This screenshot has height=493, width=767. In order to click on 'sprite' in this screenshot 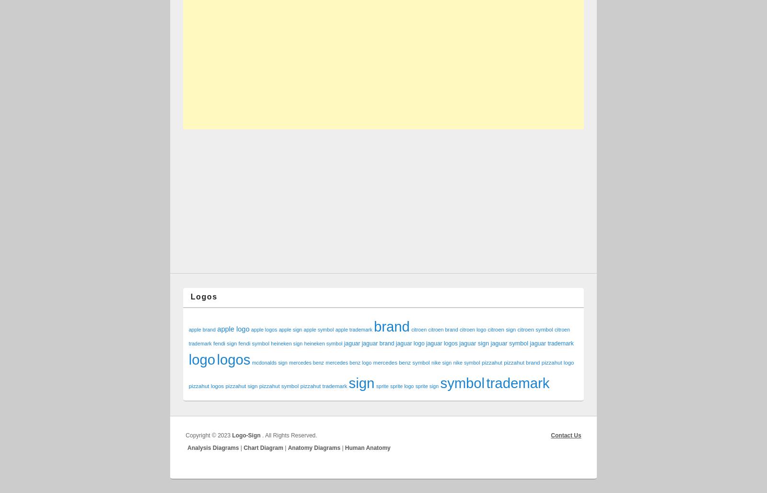, I will do `click(382, 385)`.